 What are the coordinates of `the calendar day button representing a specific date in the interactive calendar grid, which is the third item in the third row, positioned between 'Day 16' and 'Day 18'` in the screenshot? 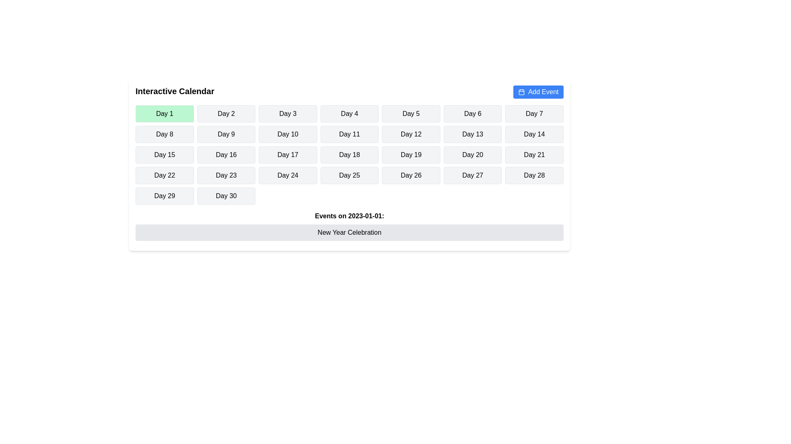 It's located at (288, 155).